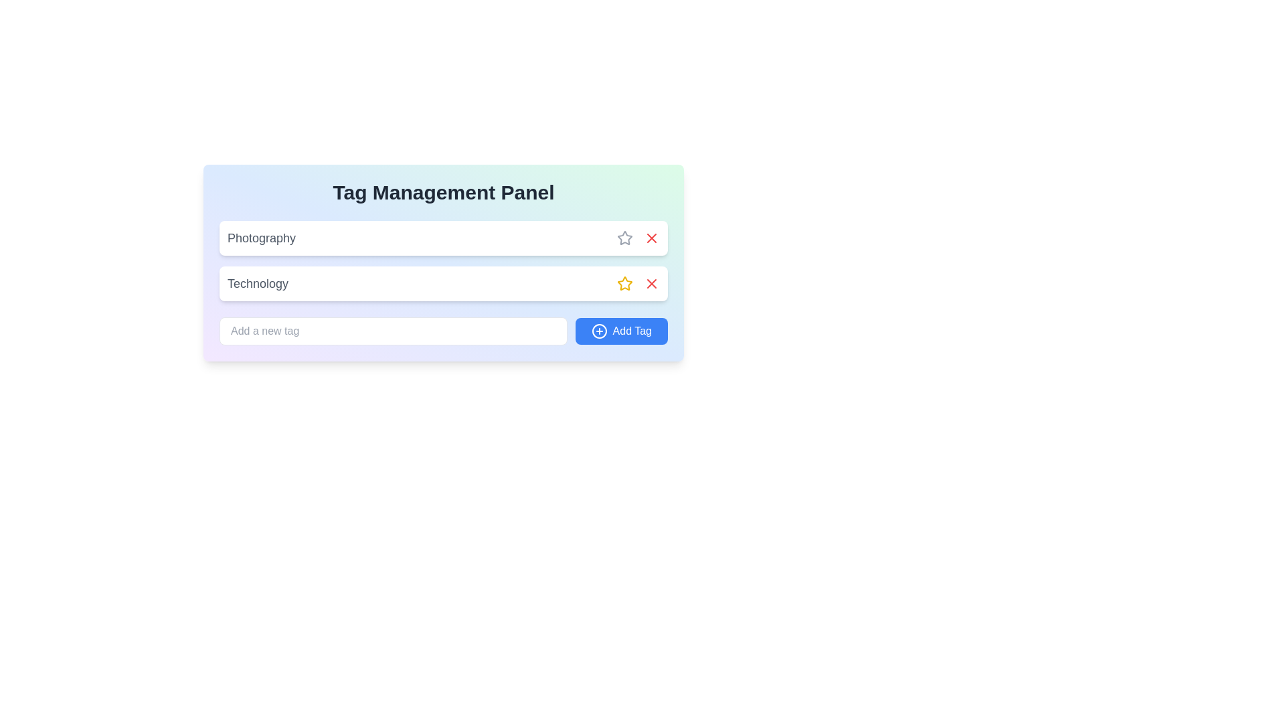 The width and height of the screenshot is (1285, 723). Describe the element at coordinates (624, 237) in the screenshot. I see `the star icon button located in the 'Technology' row` at that location.